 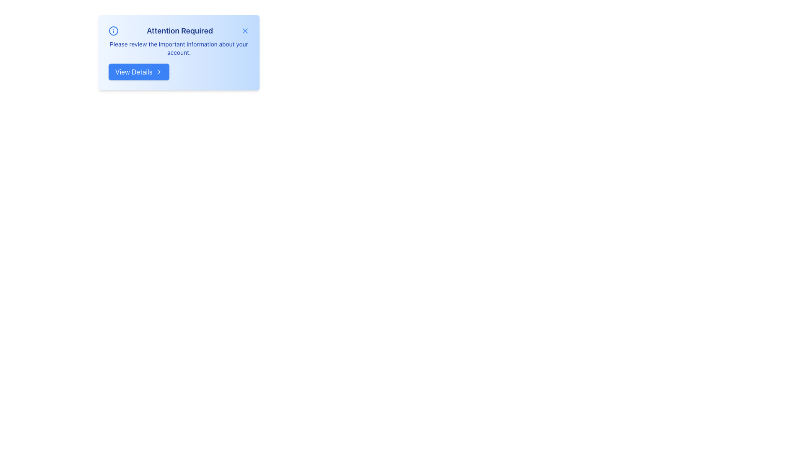 What do you see at coordinates (159, 72) in the screenshot?
I see `the right-facing chevron icon located within the blue rectangular button labeled 'View Details'` at bounding box center [159, 72].